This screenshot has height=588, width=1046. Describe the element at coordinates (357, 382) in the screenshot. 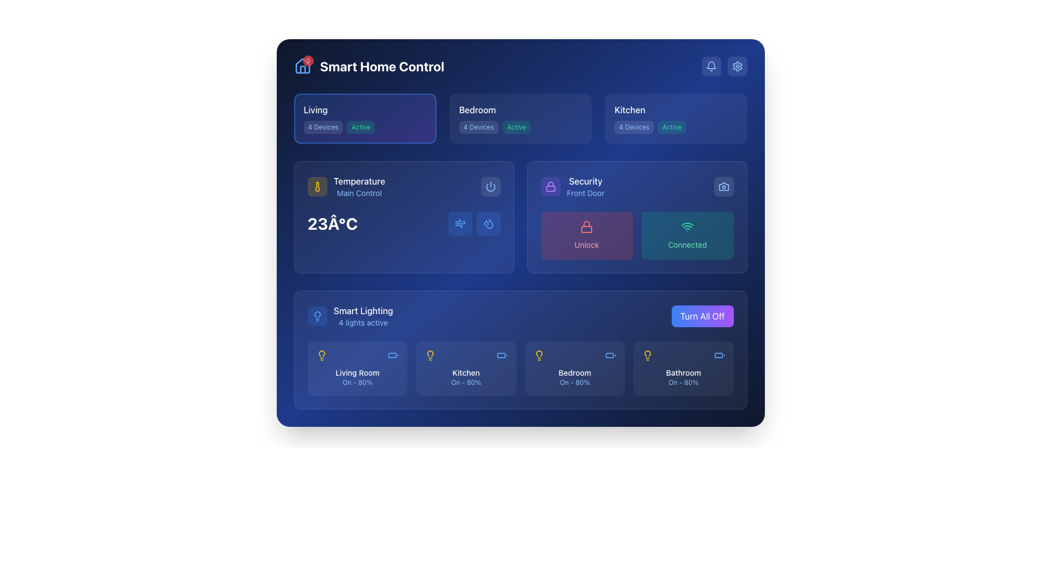

I see `the text label displaying the current operational status (On) and intensity (80%) of the lighting in the Living Room, located at the bottom of the card labeled 'Living Room' in the Smart Lighting section` at that location.